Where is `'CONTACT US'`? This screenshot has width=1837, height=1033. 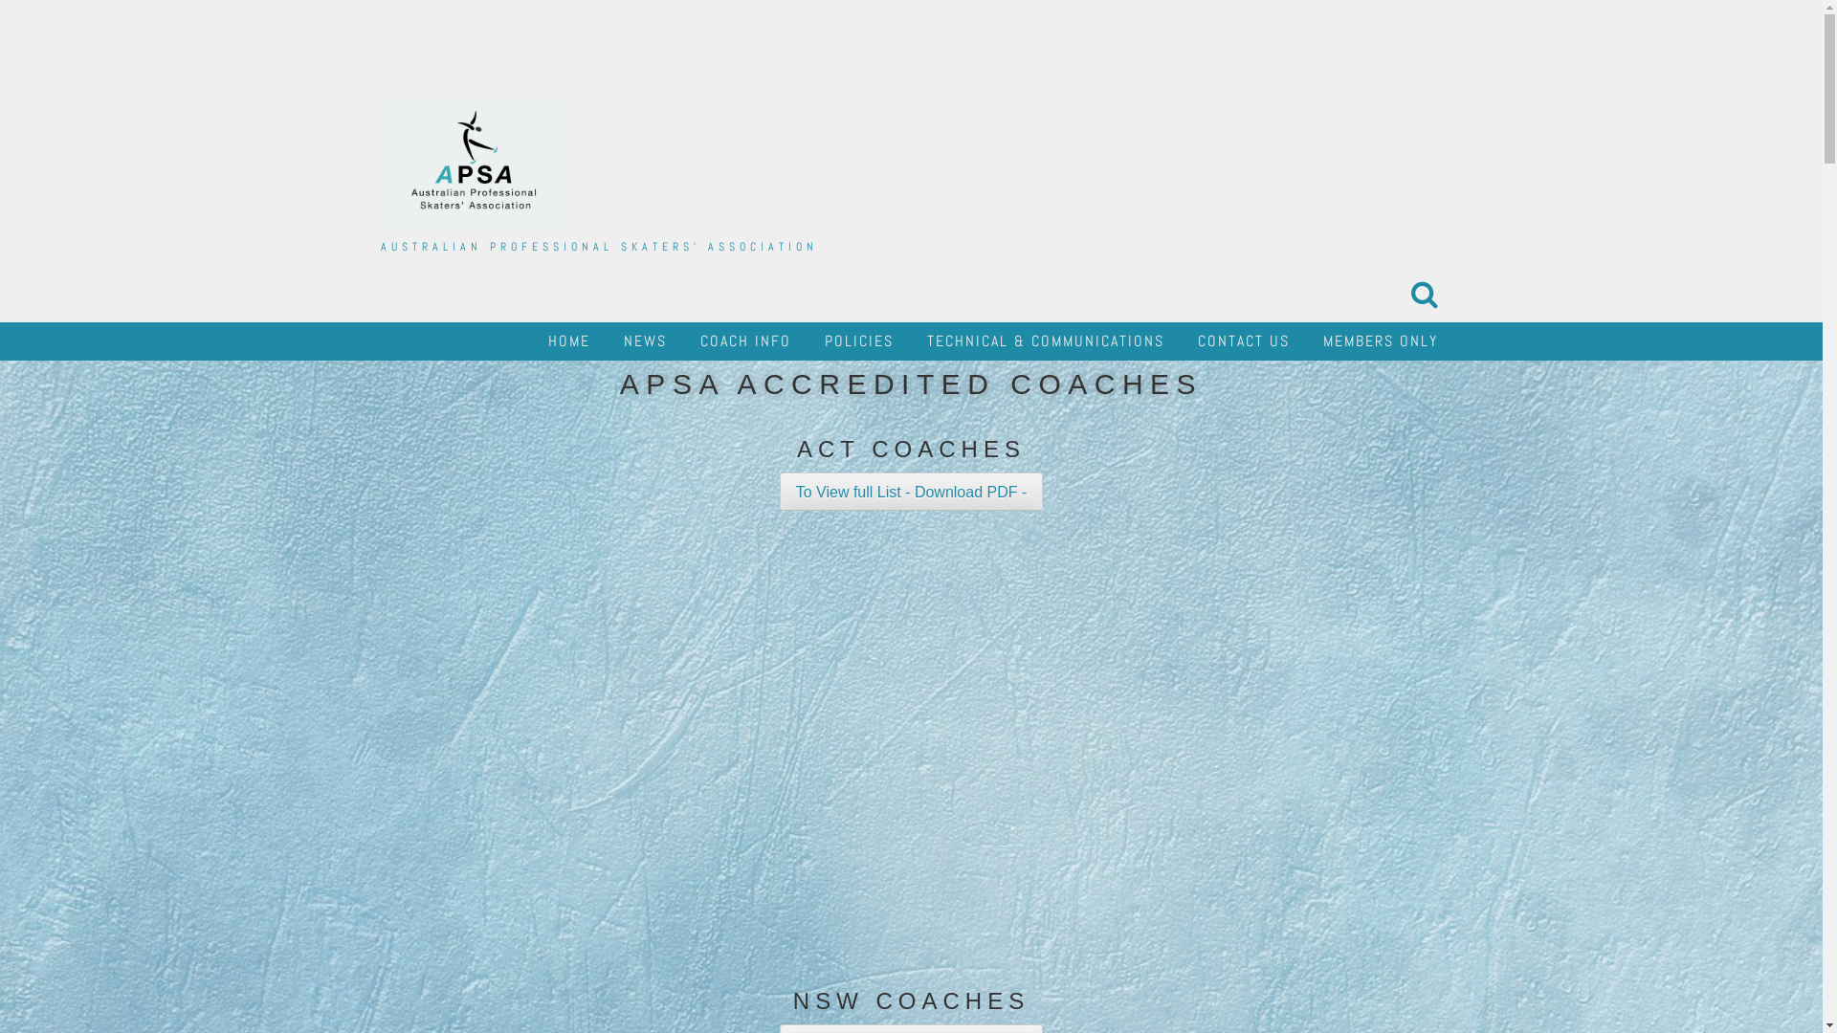 'CONTACT US' is located at coordinates (1244, 341).